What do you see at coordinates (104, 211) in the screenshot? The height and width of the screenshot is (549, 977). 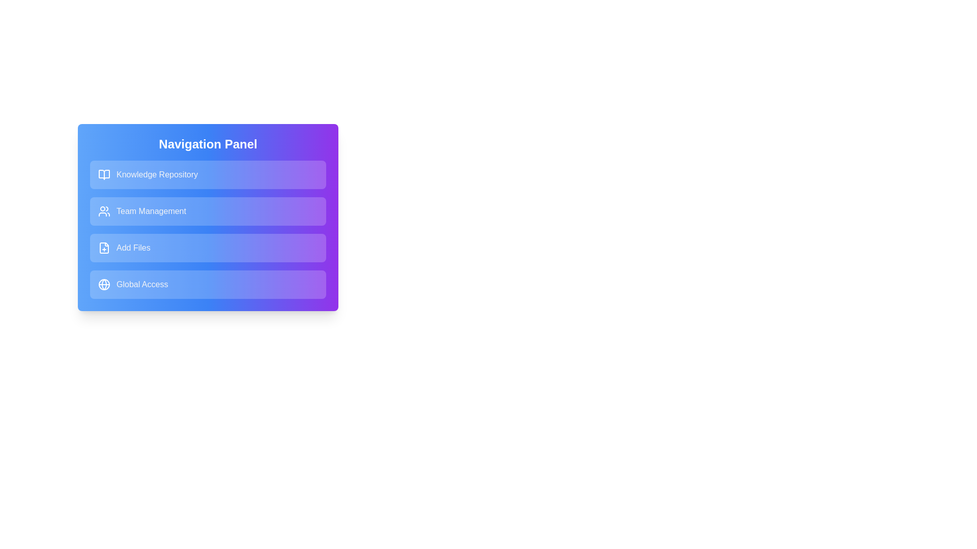 I see `the icon associated with the navigation item labeled Team Management` at bounding box center [104, 211].